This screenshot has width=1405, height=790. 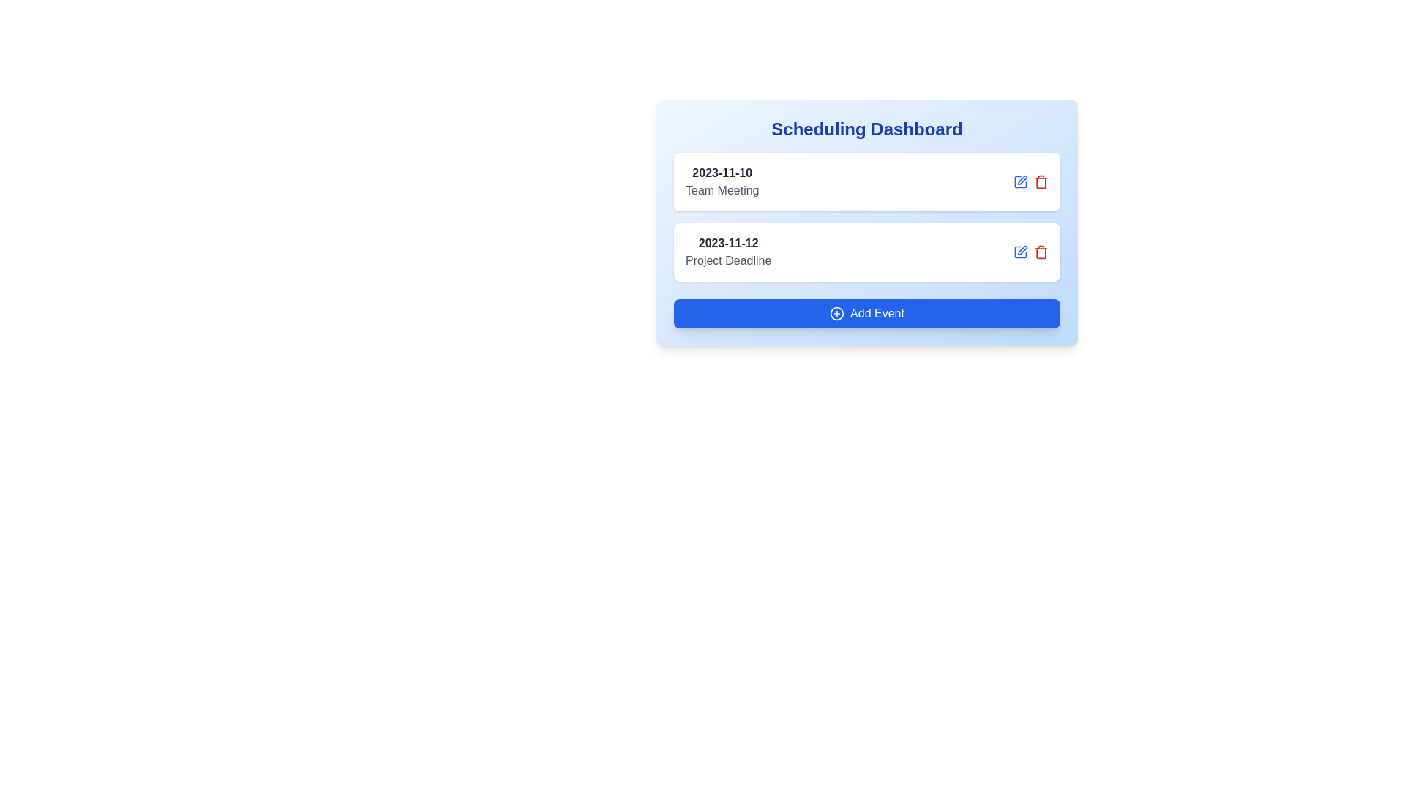 What do you see at coordinates (867, 312) in the screenshot?
I see `the 'Add Event' button with a blue background and white text located at the bottom of the 'Scheduling Dashboard' card` at bounding box center [867, 312].